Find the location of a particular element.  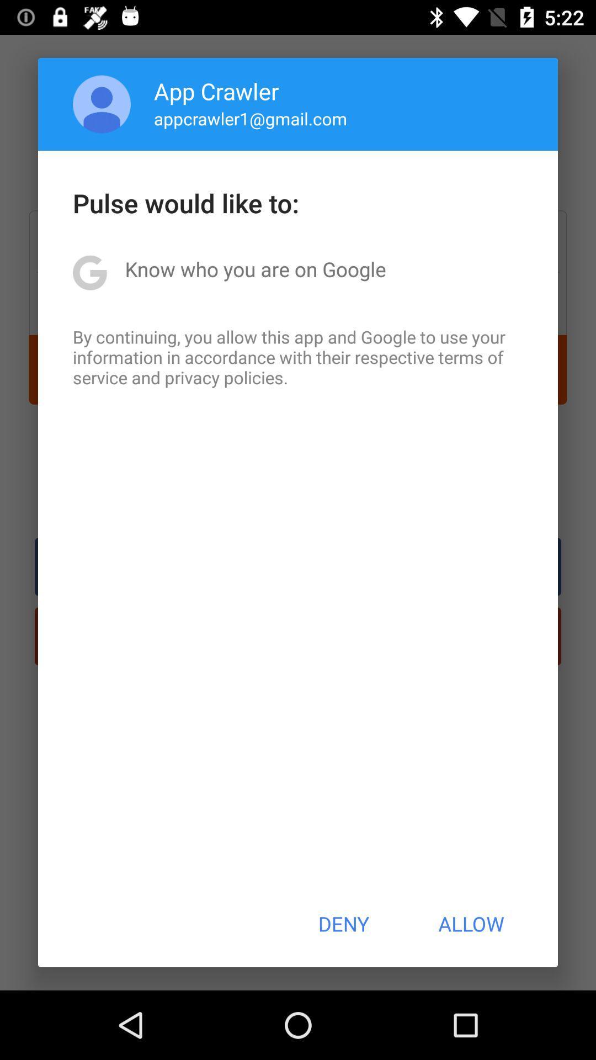

the appcrawler1@gmail.com is located at coordinates (251, 118).